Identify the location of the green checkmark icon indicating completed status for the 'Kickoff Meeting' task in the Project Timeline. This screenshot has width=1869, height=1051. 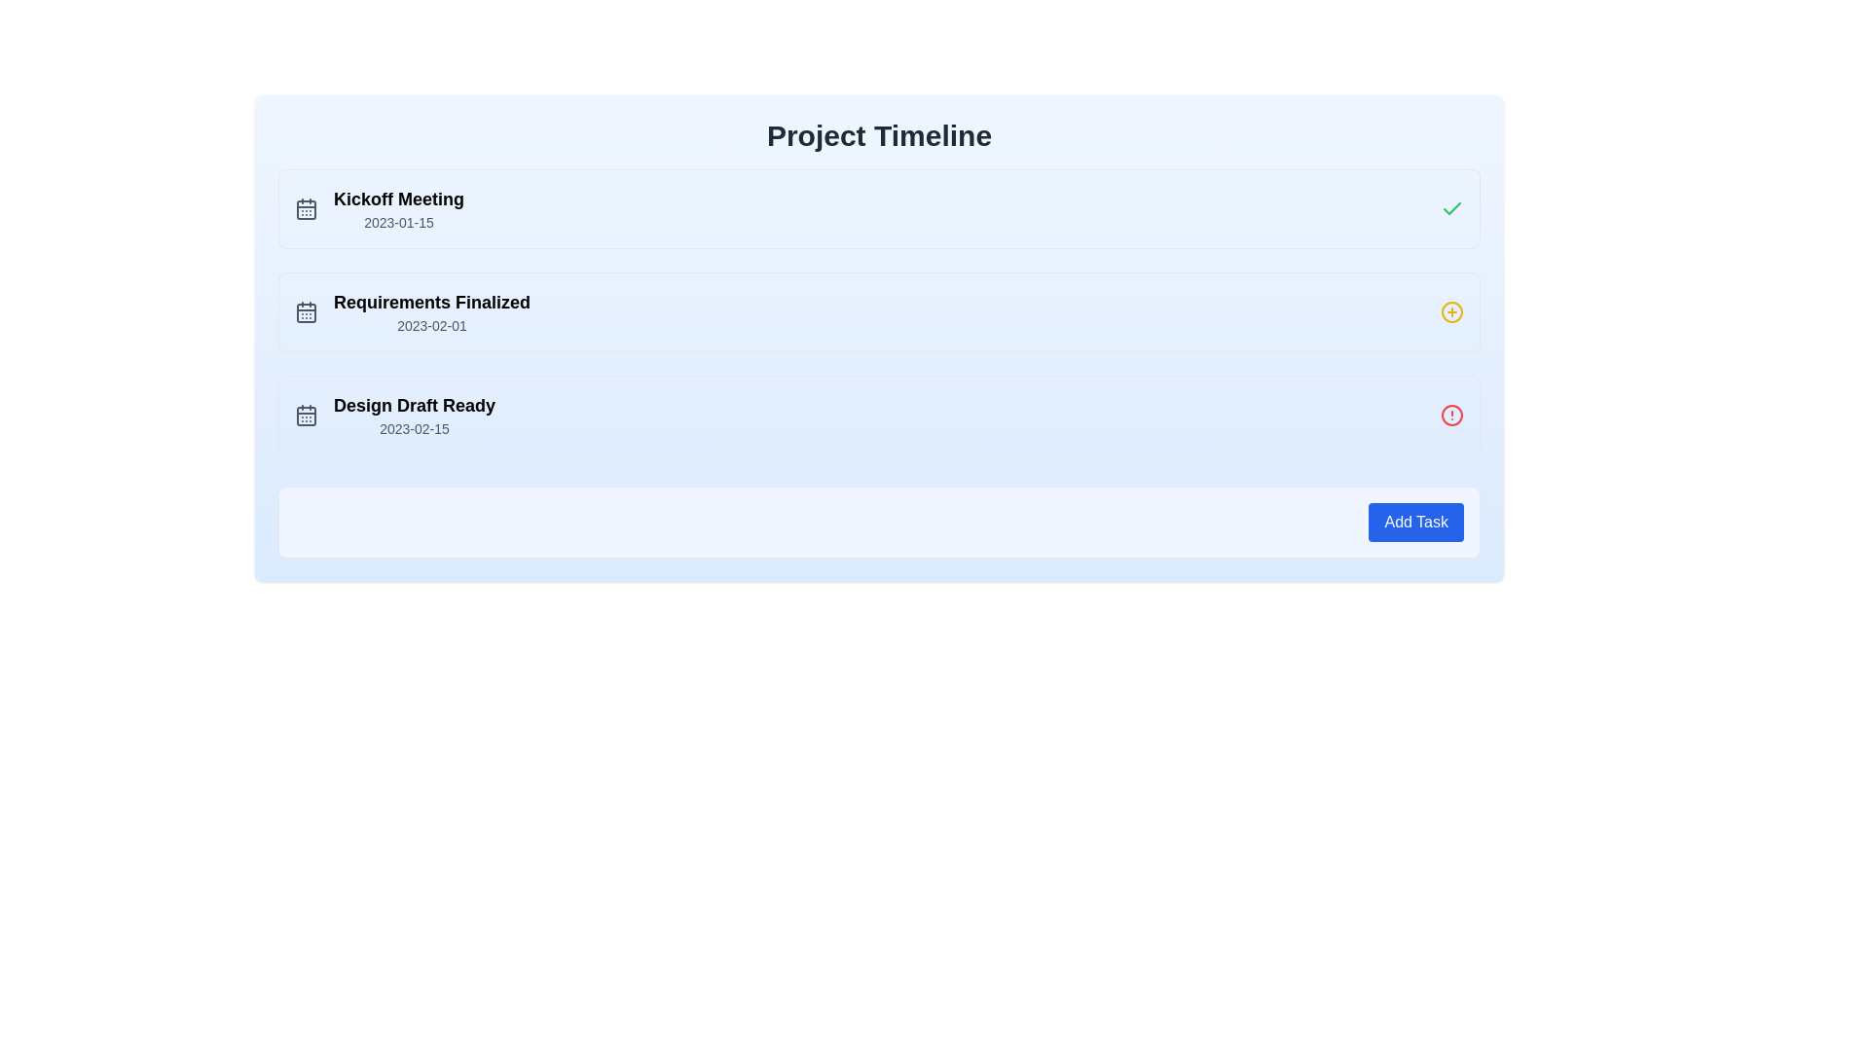
(1452, 208).